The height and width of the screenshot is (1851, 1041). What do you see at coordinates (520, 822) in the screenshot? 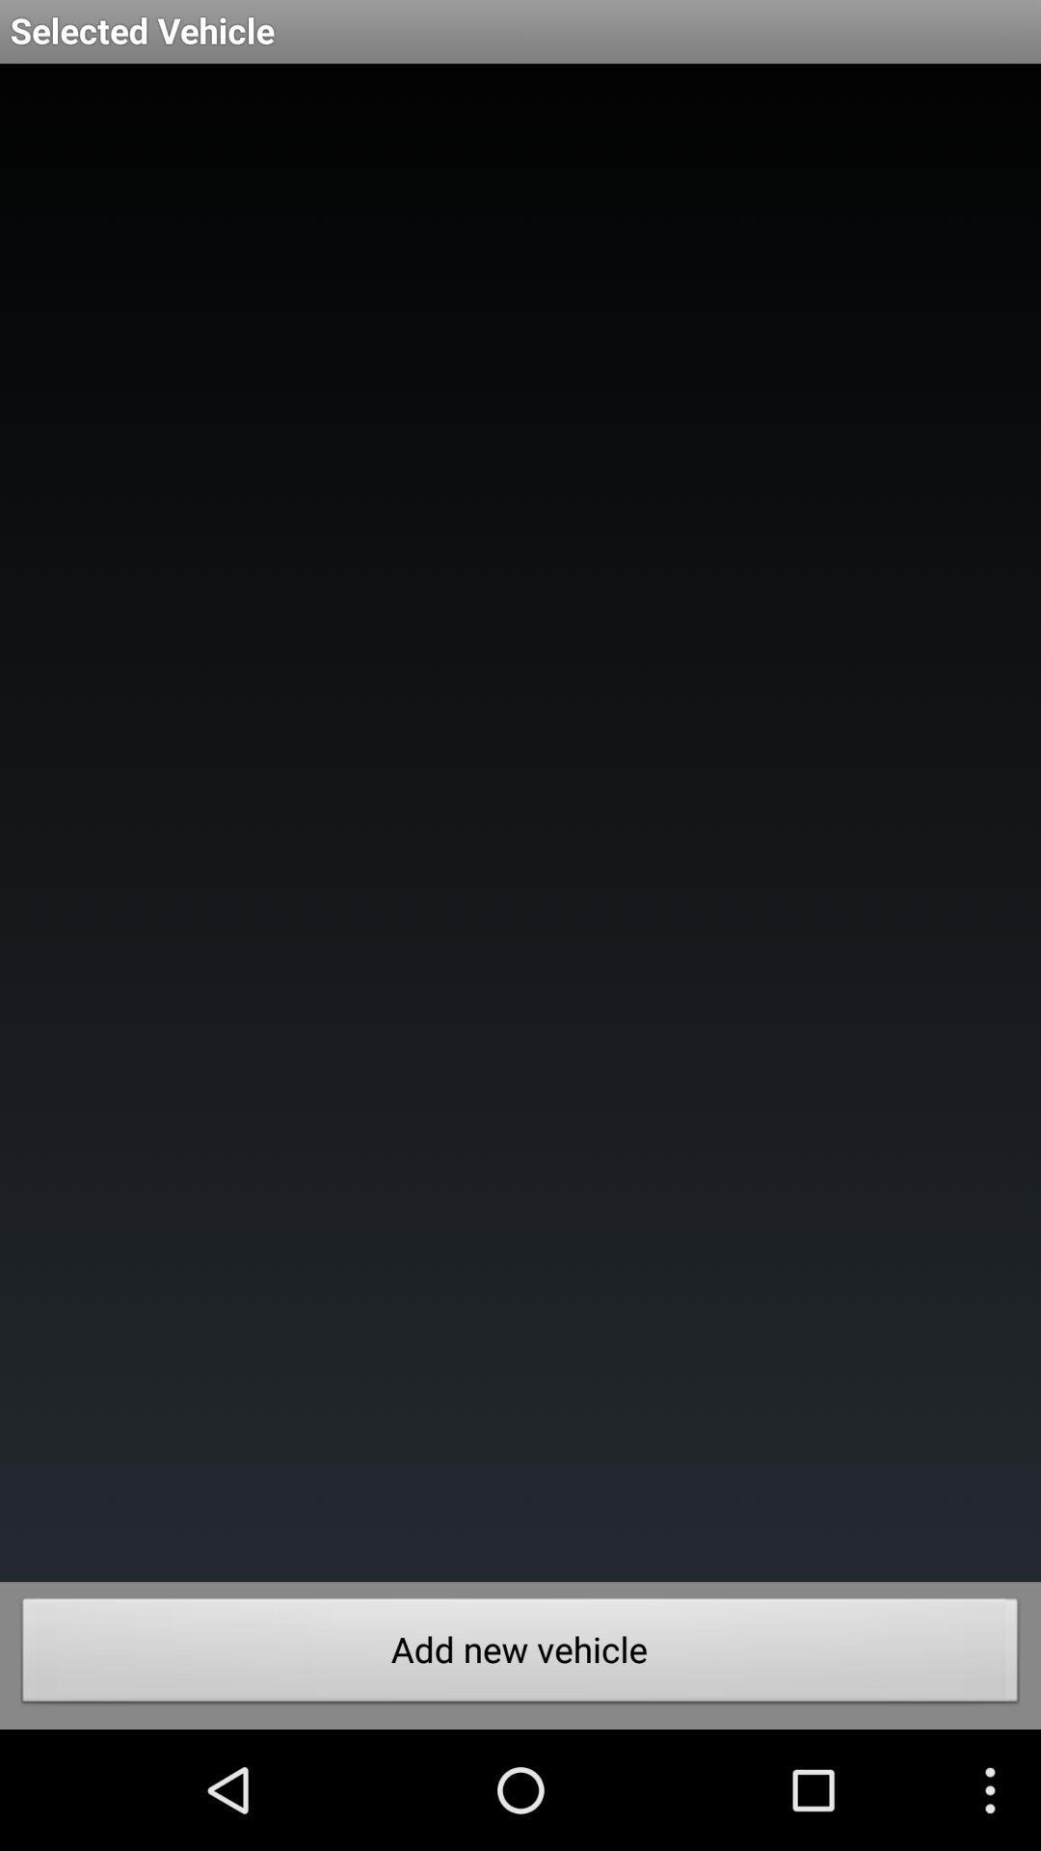
I see `item above add new vehicle item` at bounding box center [520, 822].